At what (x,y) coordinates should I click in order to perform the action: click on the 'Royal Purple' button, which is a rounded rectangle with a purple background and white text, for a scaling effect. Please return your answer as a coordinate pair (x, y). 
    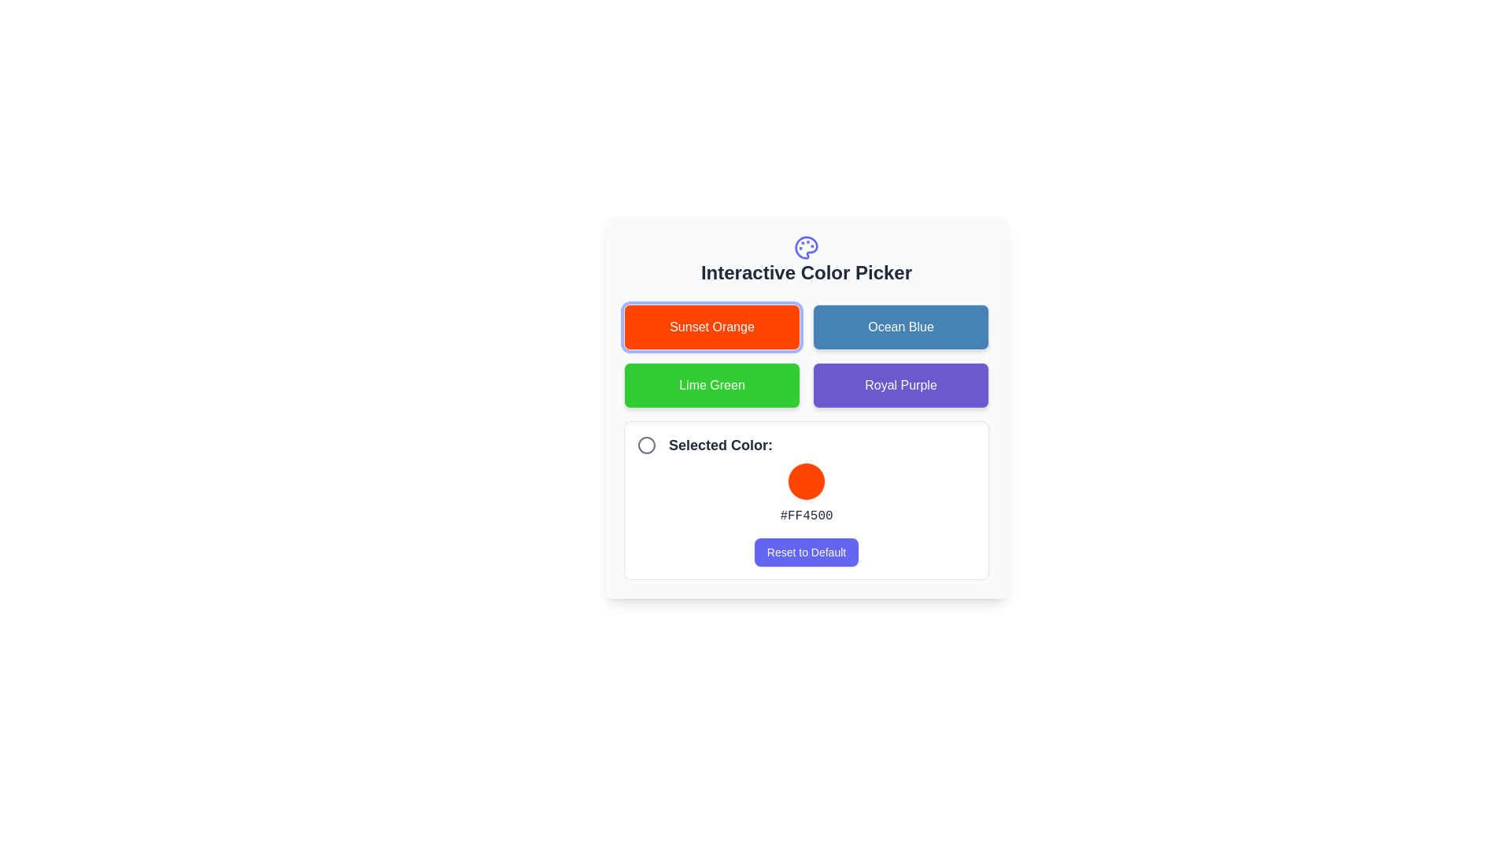
    Looking at the image, I should click on (901, 385).